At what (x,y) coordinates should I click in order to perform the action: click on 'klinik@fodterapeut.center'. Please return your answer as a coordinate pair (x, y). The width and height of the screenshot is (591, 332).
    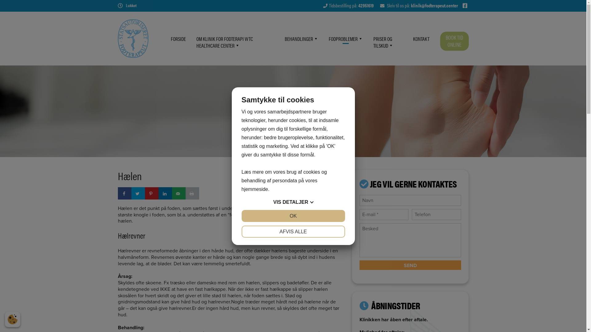
    Looking at the image, I should click on (434, 5).